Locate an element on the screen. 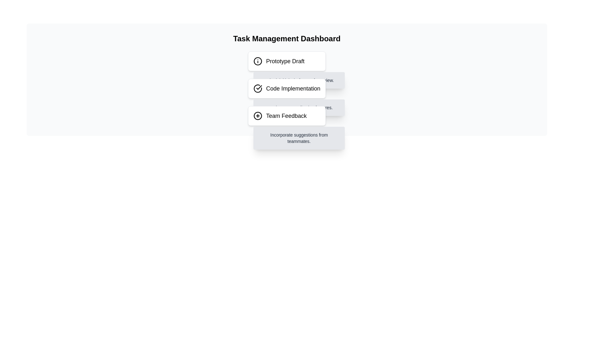 The height and width of the screenshot is (343, 609). the informative icon located to the left of the text 'Prototype Draft' is located at coordinates (258, 61).